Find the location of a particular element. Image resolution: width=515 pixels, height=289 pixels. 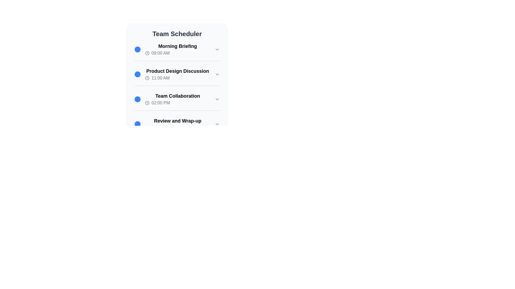

the circular element that serves as a clock icon, located beside the 2:00 PM entry under 'Team Collaboration' in the schedule section of the UI is located at coordinates (147, 103).